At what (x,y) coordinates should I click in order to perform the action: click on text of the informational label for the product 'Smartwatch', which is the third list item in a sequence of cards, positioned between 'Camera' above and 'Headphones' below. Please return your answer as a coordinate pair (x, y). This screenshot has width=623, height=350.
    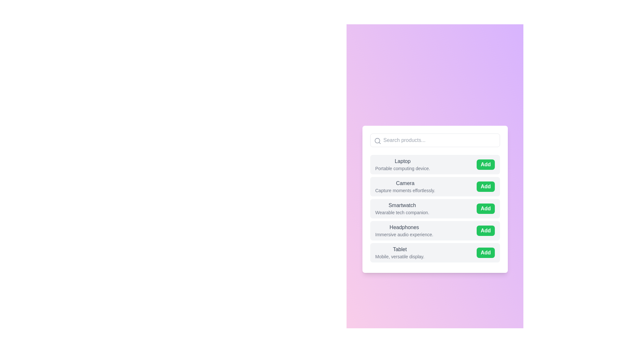
    Looking at the image, I should click on (402, 209).